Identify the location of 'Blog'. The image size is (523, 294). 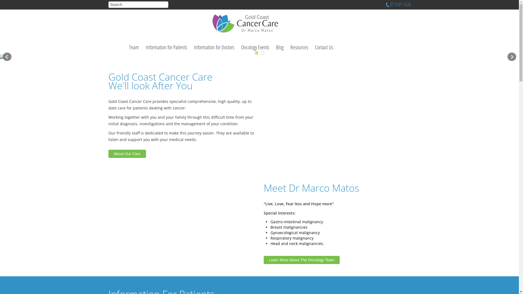
(279, 47).